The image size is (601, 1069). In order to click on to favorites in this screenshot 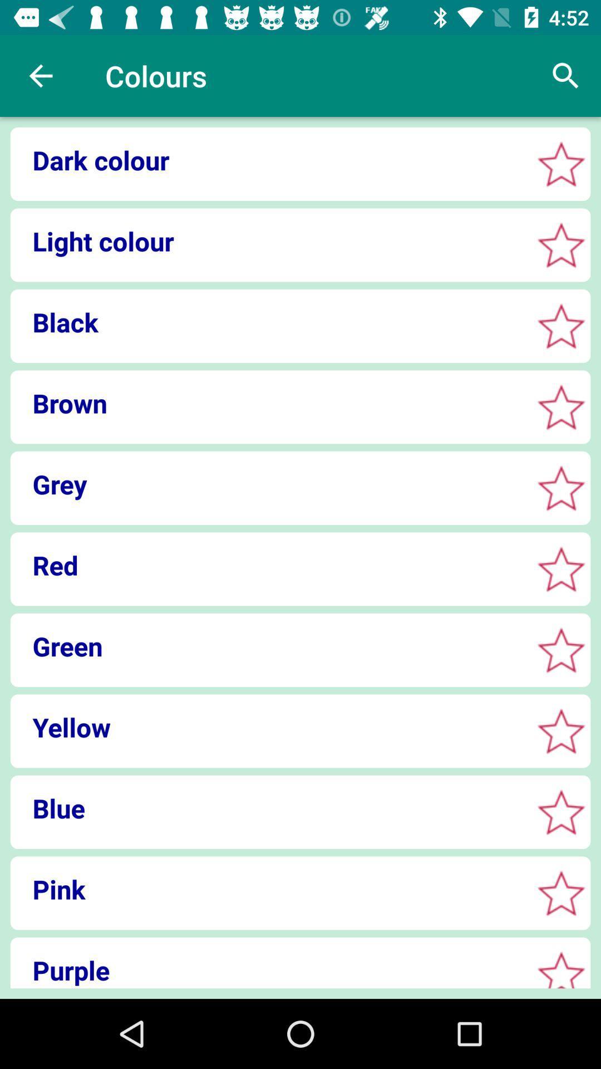, I will do `click(561, 731)`.